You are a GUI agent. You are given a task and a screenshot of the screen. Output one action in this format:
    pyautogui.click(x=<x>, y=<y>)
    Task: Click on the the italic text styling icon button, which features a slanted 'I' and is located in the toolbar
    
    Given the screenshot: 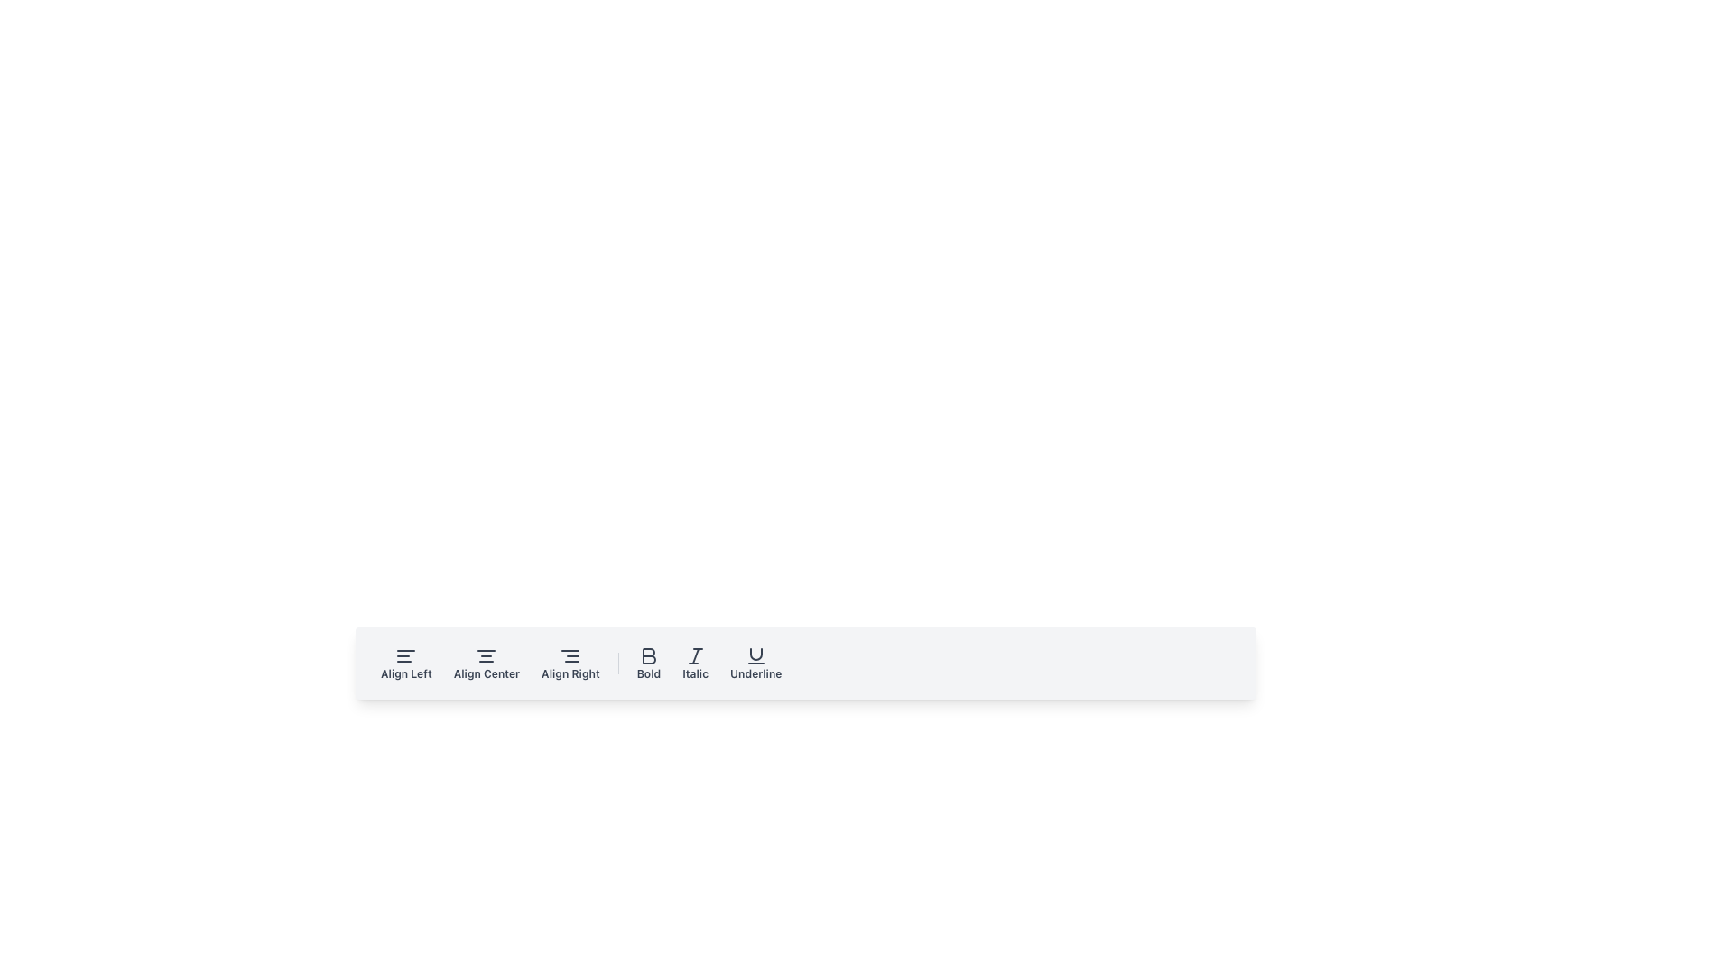 What is the action you would take?
    pyautogui.click(x=694, y=655)
    